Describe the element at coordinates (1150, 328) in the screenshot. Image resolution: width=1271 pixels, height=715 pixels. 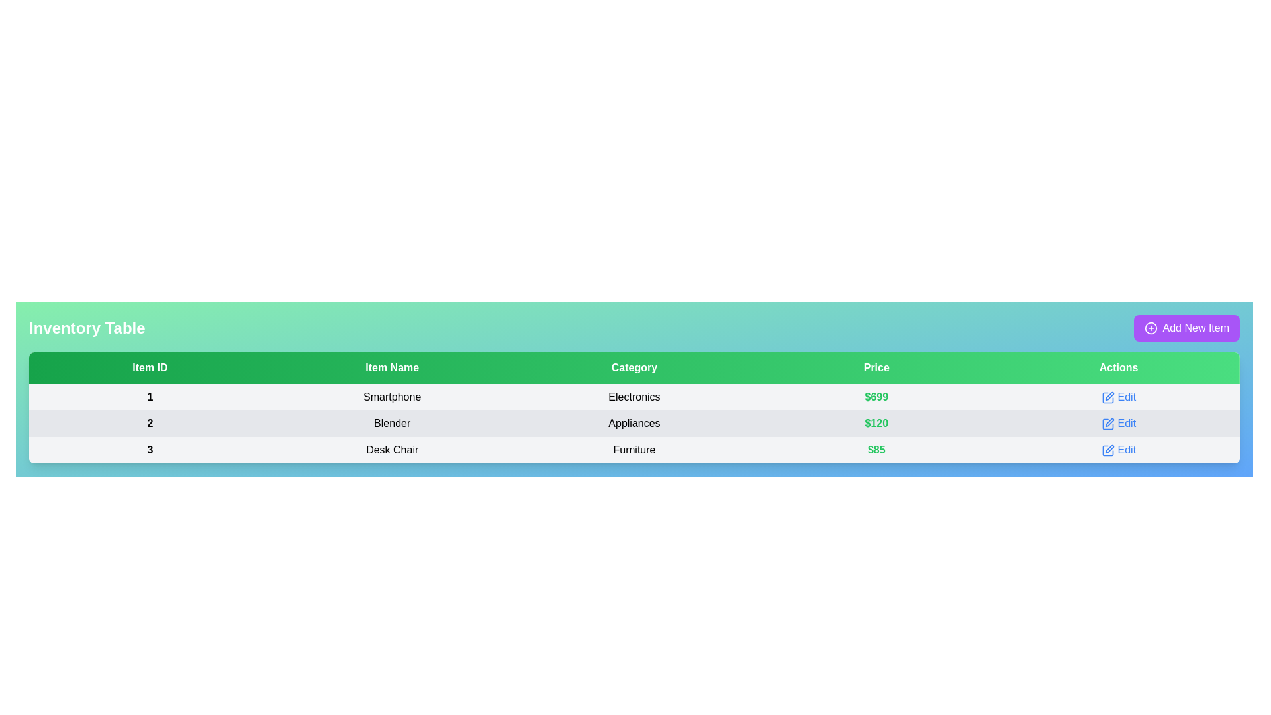
I see `the circular plus icon located inside the 'Add New Item' button in the top-right corner of the interface` at that location.